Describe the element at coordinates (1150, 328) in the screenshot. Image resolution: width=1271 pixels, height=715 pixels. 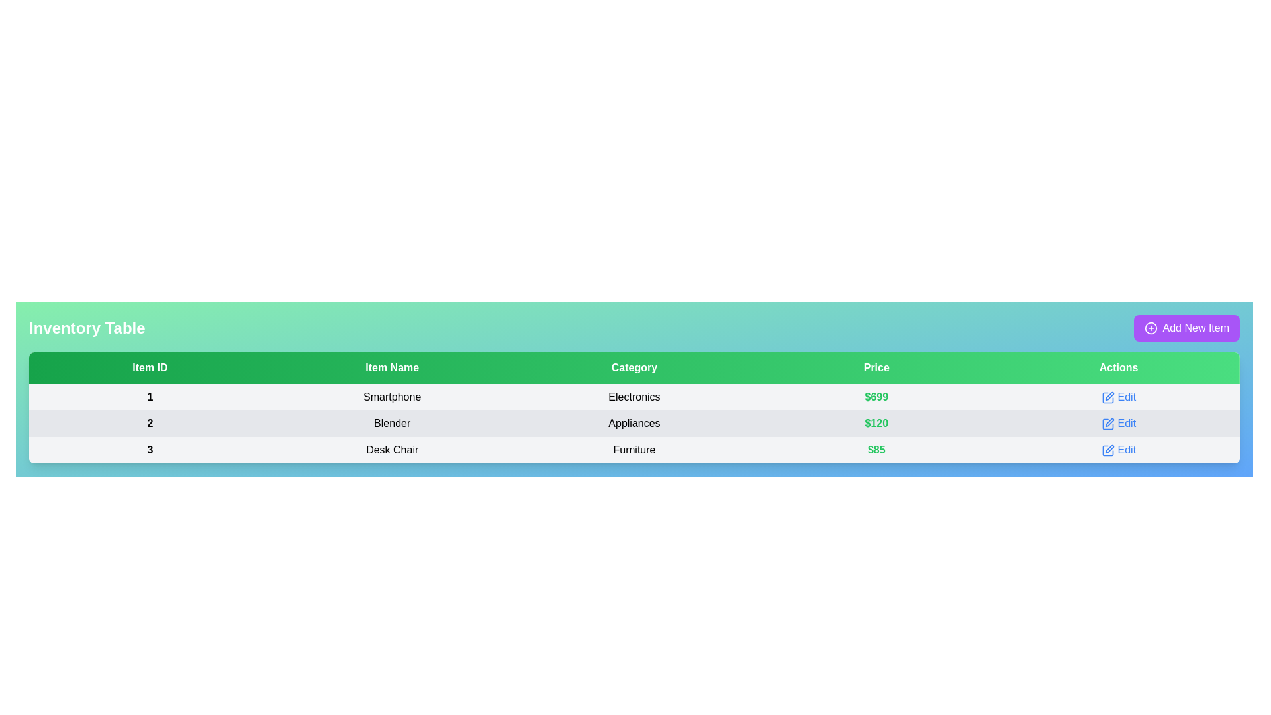
I see `the circular plus icon located inside the 'Add New Item' button in the top-right corner of the interface` at that location.